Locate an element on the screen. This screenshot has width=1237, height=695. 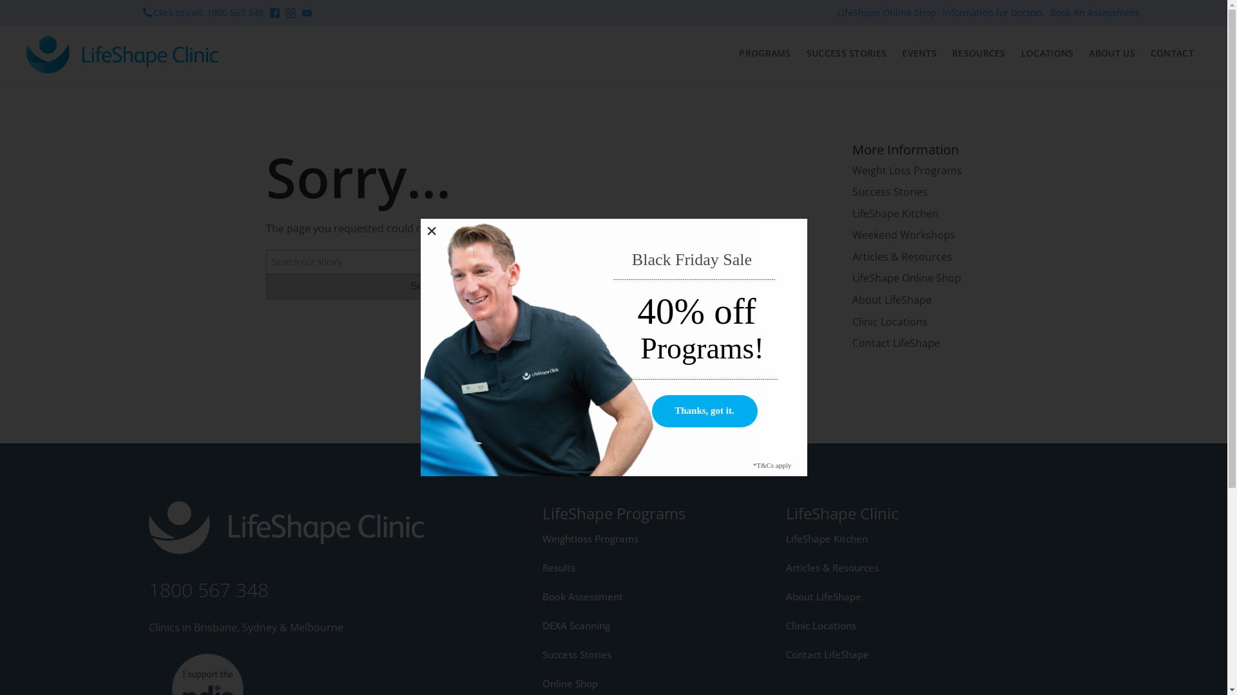
'Online Shop' is located at coordinates (606, 682).